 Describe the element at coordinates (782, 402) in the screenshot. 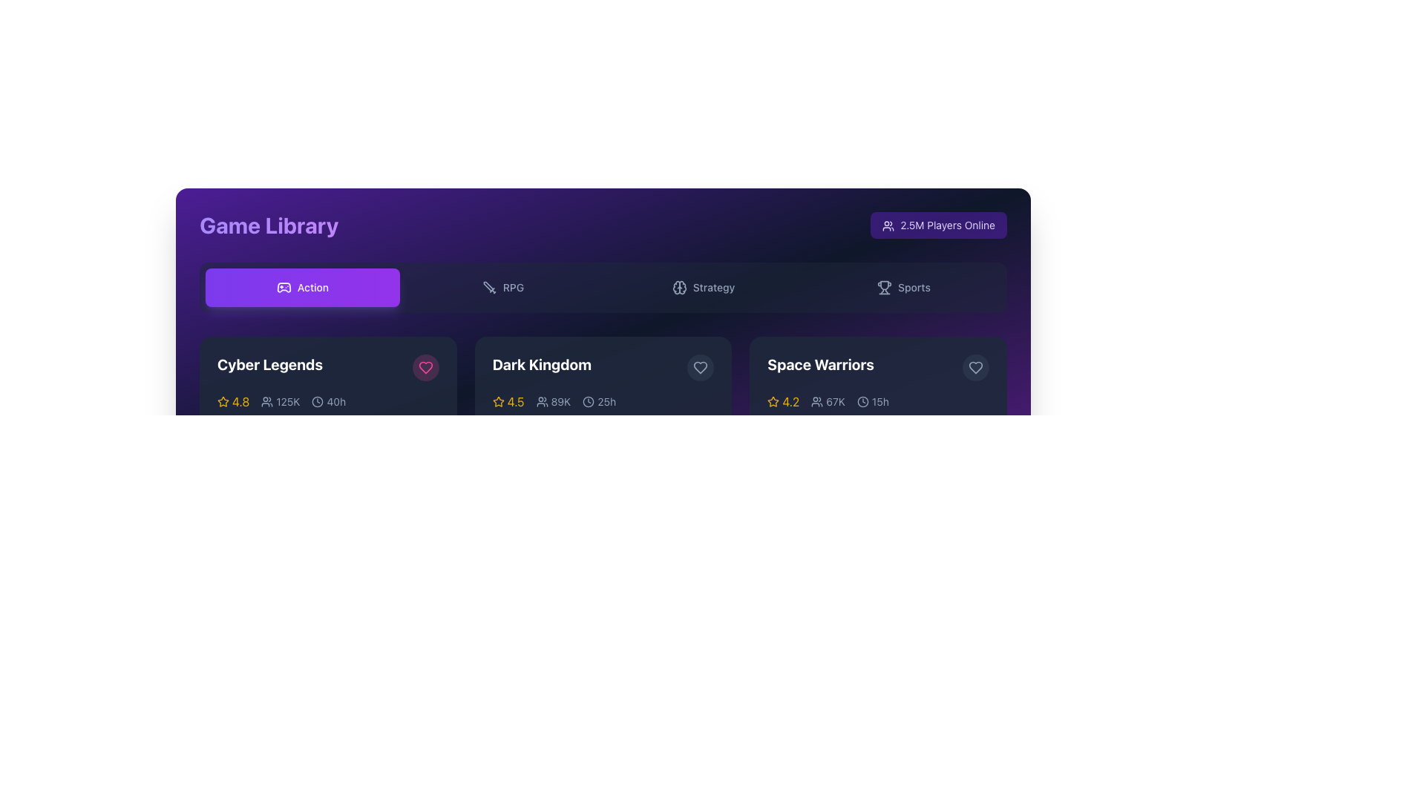

I see `the static text displaying the rating value for the 'Space Warriors' item, located at the bottom part of its tile and adjacent to a star icon` at that location.